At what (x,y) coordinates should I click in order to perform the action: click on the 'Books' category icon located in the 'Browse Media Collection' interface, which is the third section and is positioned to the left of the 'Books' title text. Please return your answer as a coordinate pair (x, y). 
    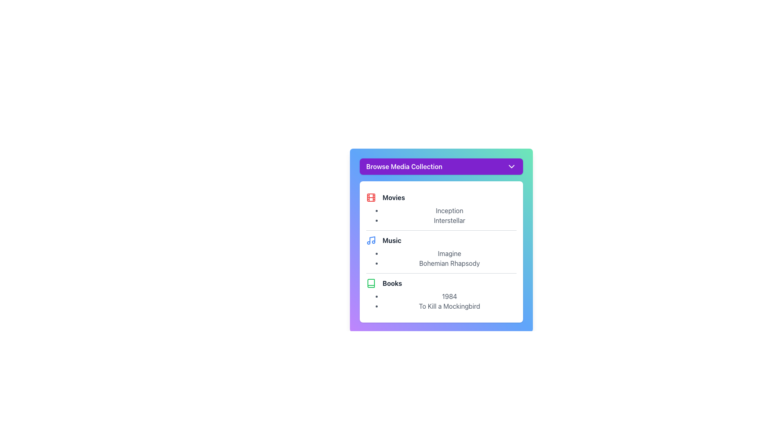
    Looking at the image, I should click on (370, 283).